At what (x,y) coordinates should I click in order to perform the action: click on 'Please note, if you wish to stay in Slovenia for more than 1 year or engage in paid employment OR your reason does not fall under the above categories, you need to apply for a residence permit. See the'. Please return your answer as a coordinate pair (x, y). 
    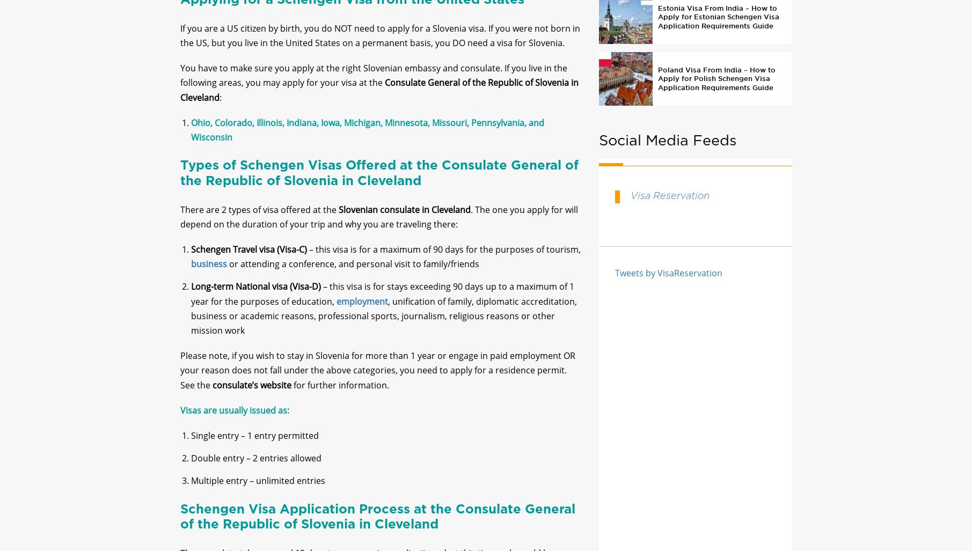
    Looking at the image, I should click on (179, 379).